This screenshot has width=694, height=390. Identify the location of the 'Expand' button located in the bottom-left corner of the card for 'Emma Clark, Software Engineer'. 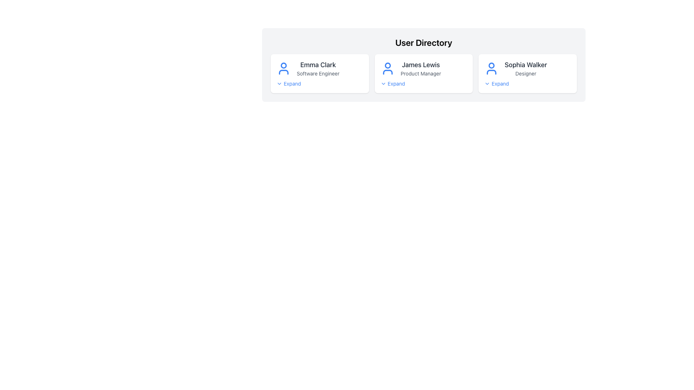
(288, 83).